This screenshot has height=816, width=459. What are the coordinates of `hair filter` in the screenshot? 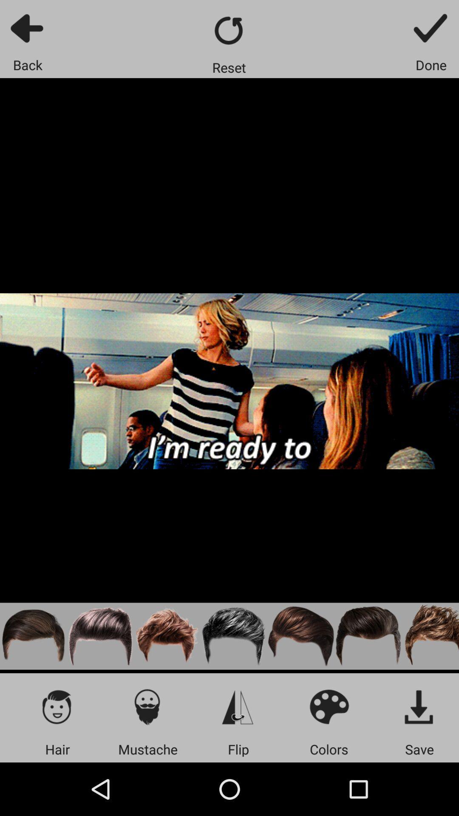 It's located at (100, 636).